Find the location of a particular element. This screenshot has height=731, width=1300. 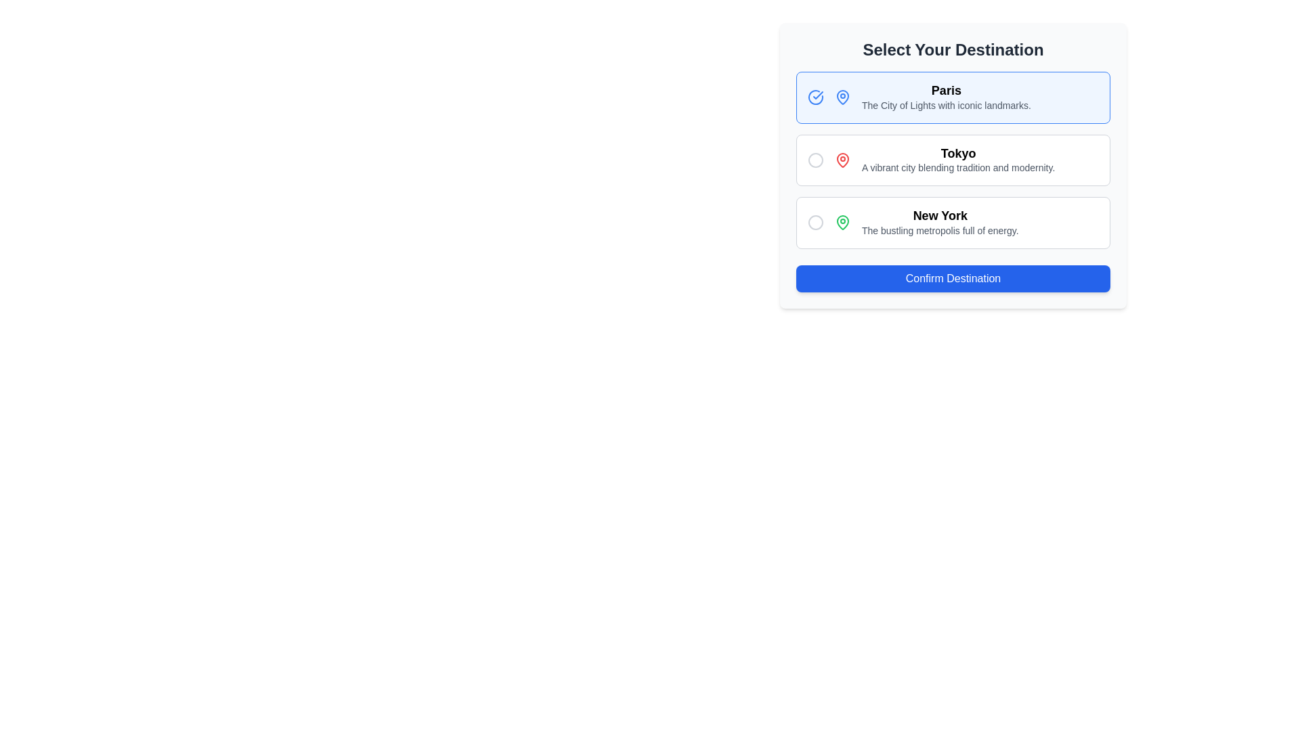

the Text header located at the topmost position of the destination selection interface, which introduces the surrounding UI components is located at coordinates (952, 49).